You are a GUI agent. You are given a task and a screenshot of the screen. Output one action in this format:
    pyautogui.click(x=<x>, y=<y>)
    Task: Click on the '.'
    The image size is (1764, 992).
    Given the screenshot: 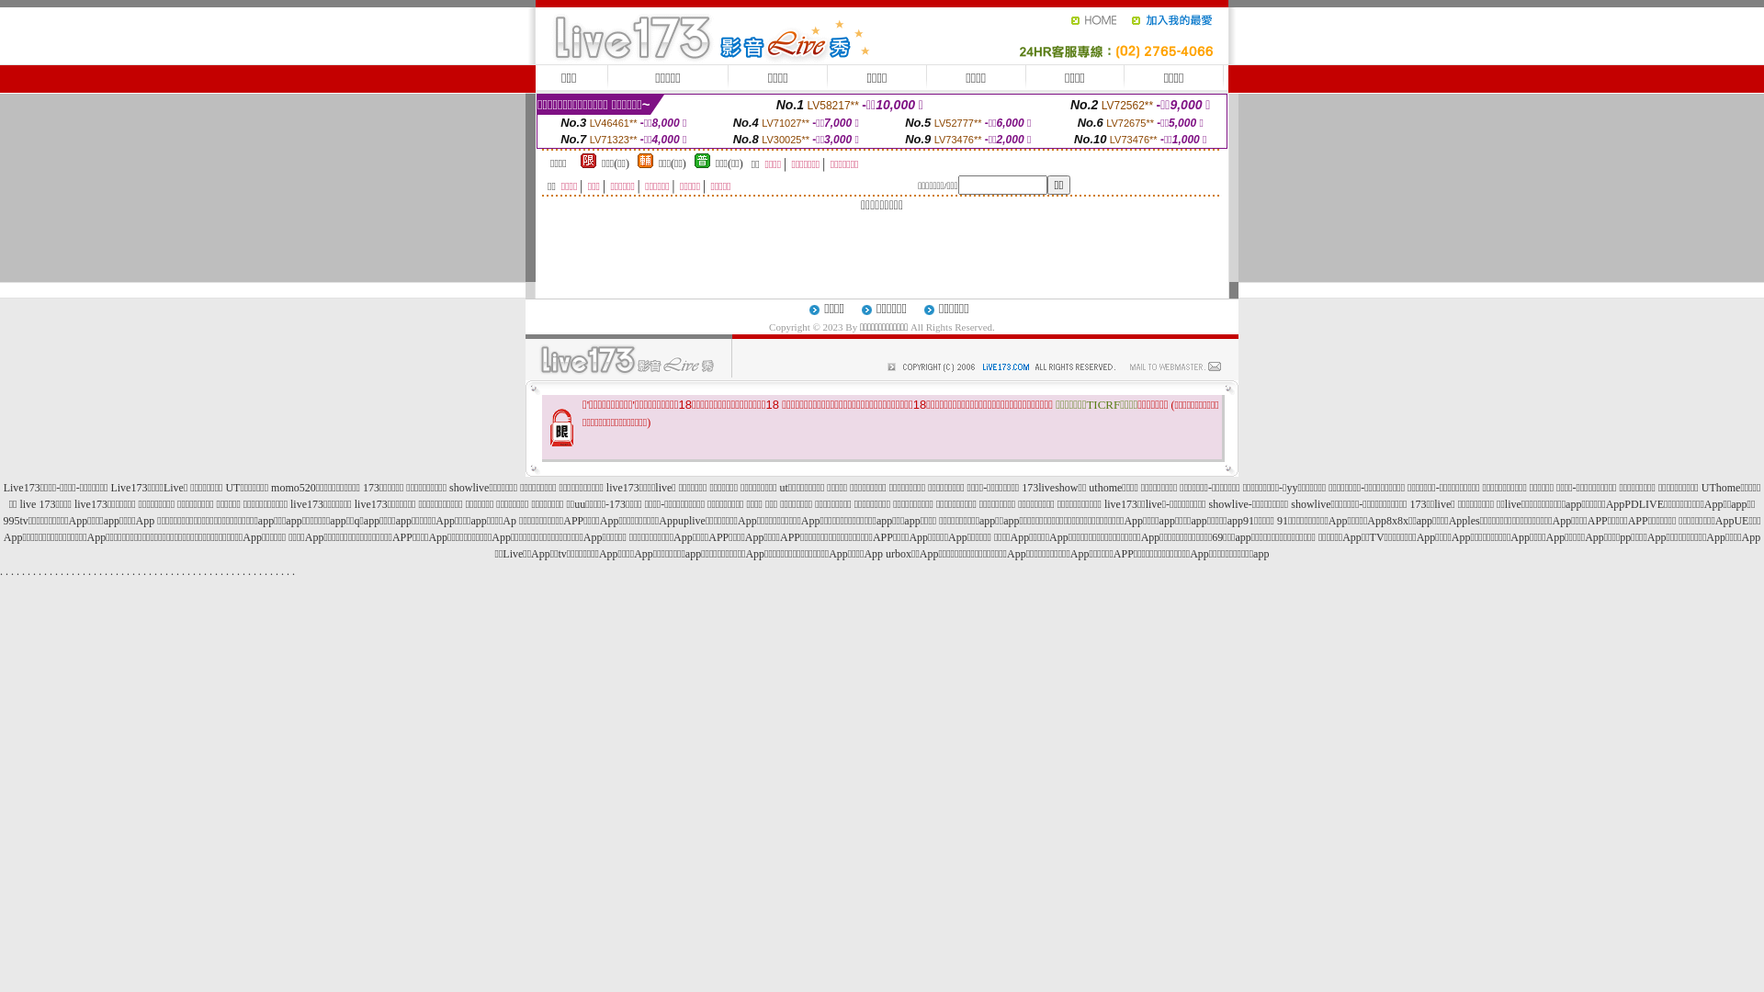 What is the action you would take?
    pyautogui.click(x=248, y=569)
    